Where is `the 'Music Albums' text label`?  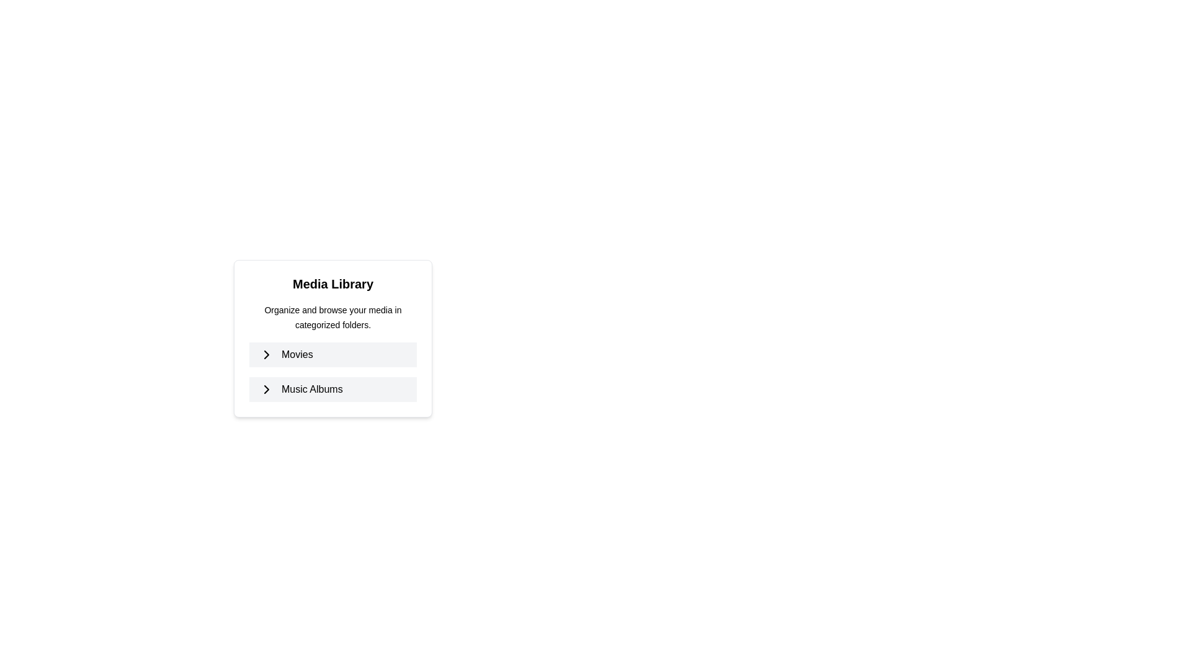
the 'Music Albums' text label is located at coordinates (301, 389).